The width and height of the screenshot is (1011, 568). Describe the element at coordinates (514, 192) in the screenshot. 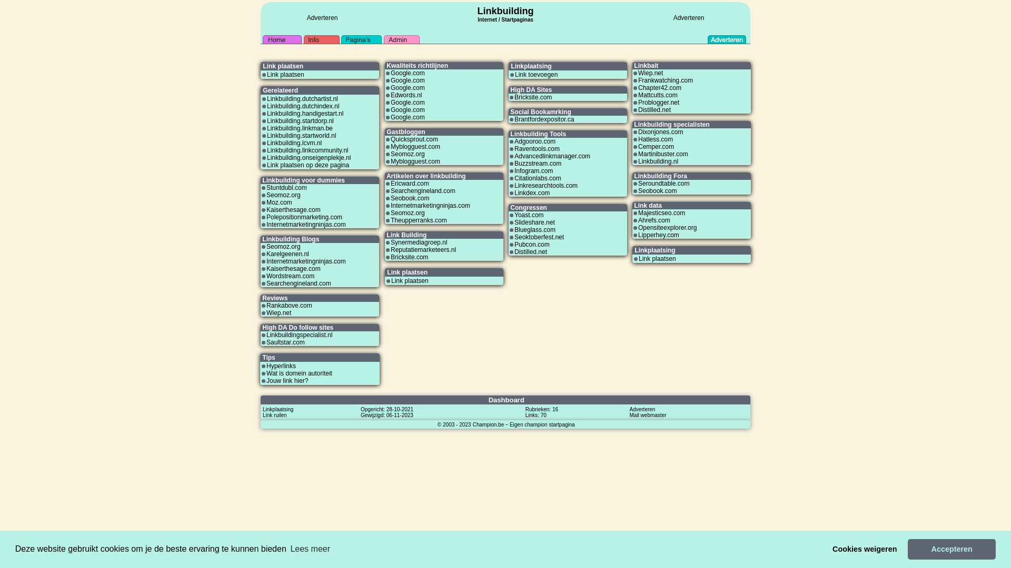

I see `'Linkdex.com'` at that location.